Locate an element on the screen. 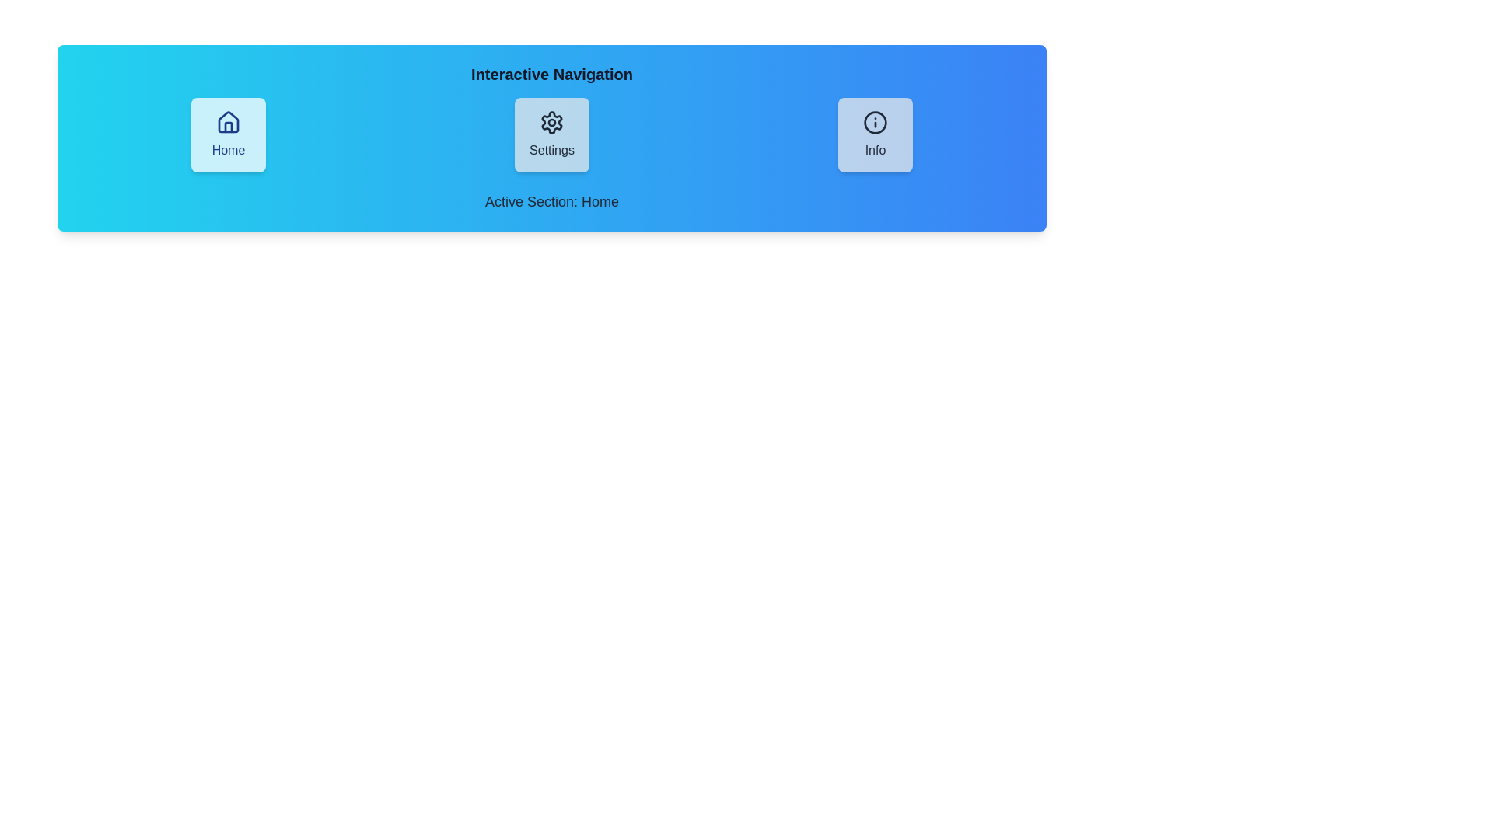 This screenshot has width=1493, height=839. the navigation button labeled Info is located at coordinates (876, 134).